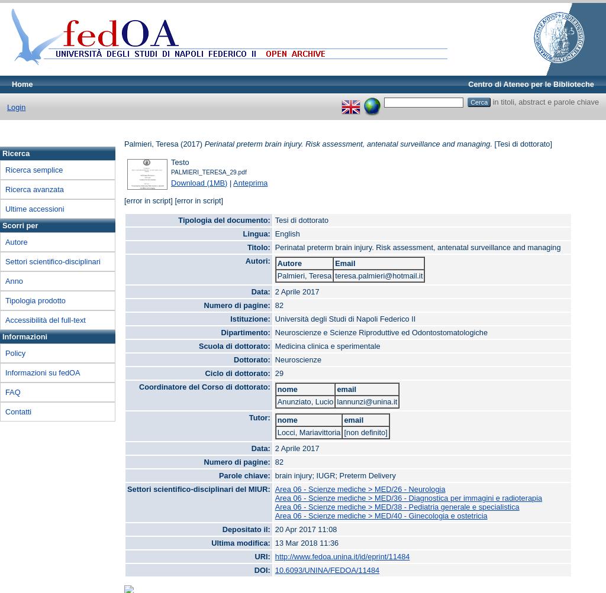 This screenshot has width=606, height=593. Describe the element at coordinates (16, 153) in the screenshot. I see `'Ricerca'` at that location.